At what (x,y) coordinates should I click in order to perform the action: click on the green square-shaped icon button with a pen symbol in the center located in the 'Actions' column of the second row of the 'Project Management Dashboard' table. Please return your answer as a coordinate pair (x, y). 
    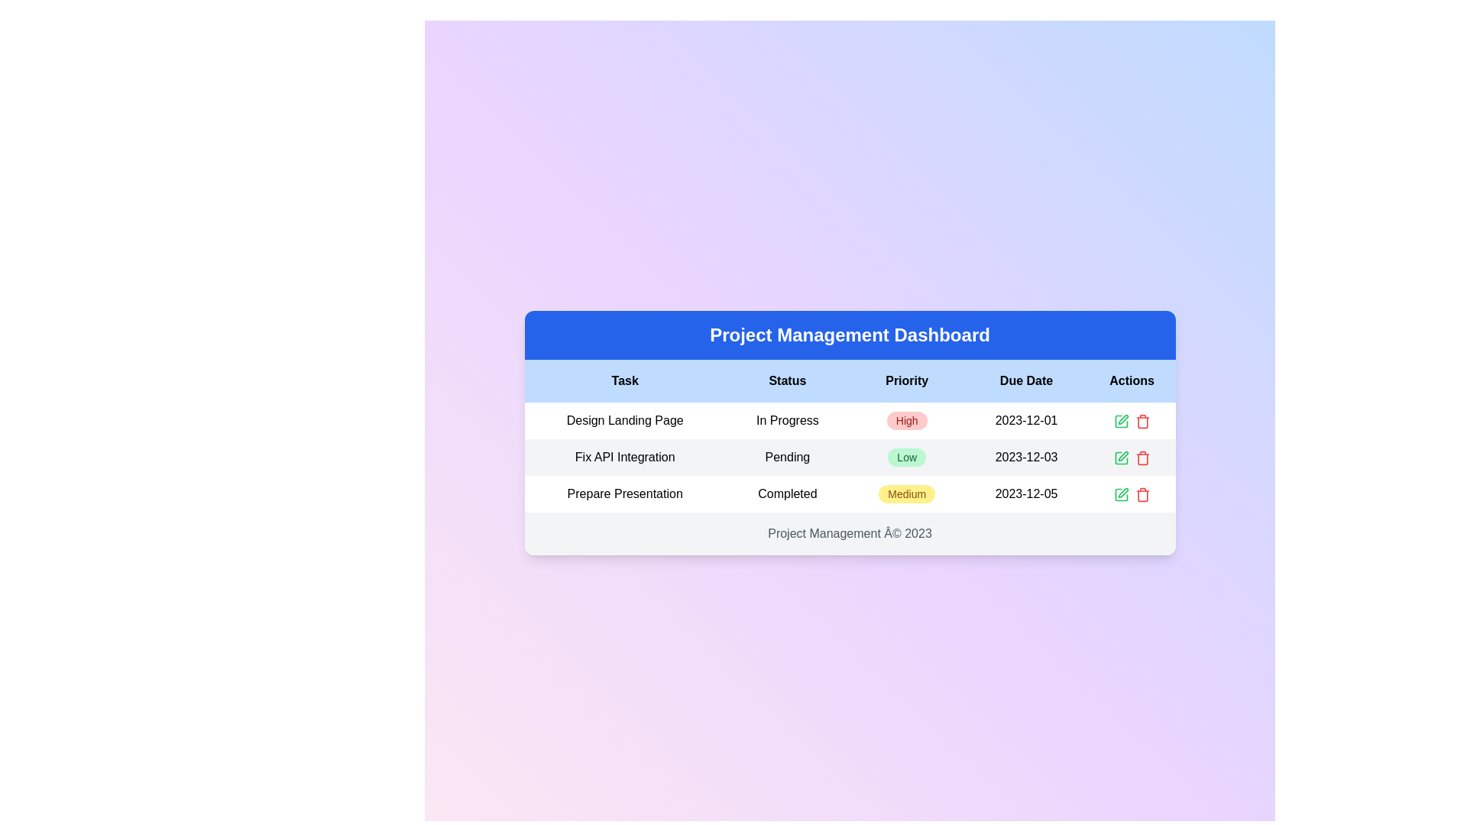
    Looking at the image, I should click on (1121, 457).